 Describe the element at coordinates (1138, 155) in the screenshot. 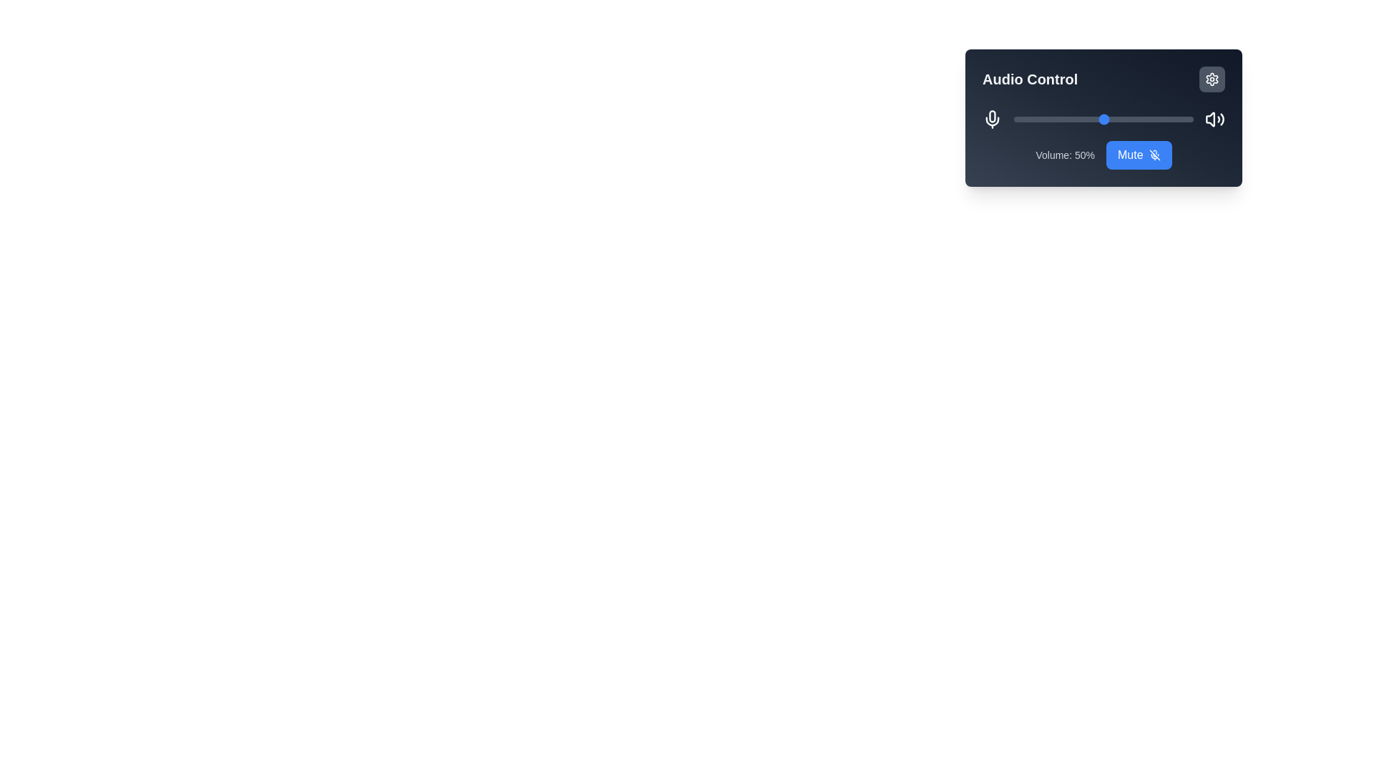

I see `the 'Mute' button with a blue background and a microphone icon with a strike-through line, located` at that location.